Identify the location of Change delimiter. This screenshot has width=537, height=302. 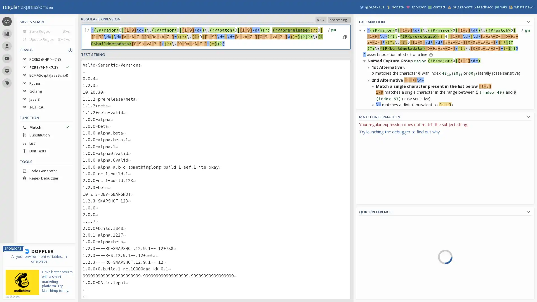
(86, 37).